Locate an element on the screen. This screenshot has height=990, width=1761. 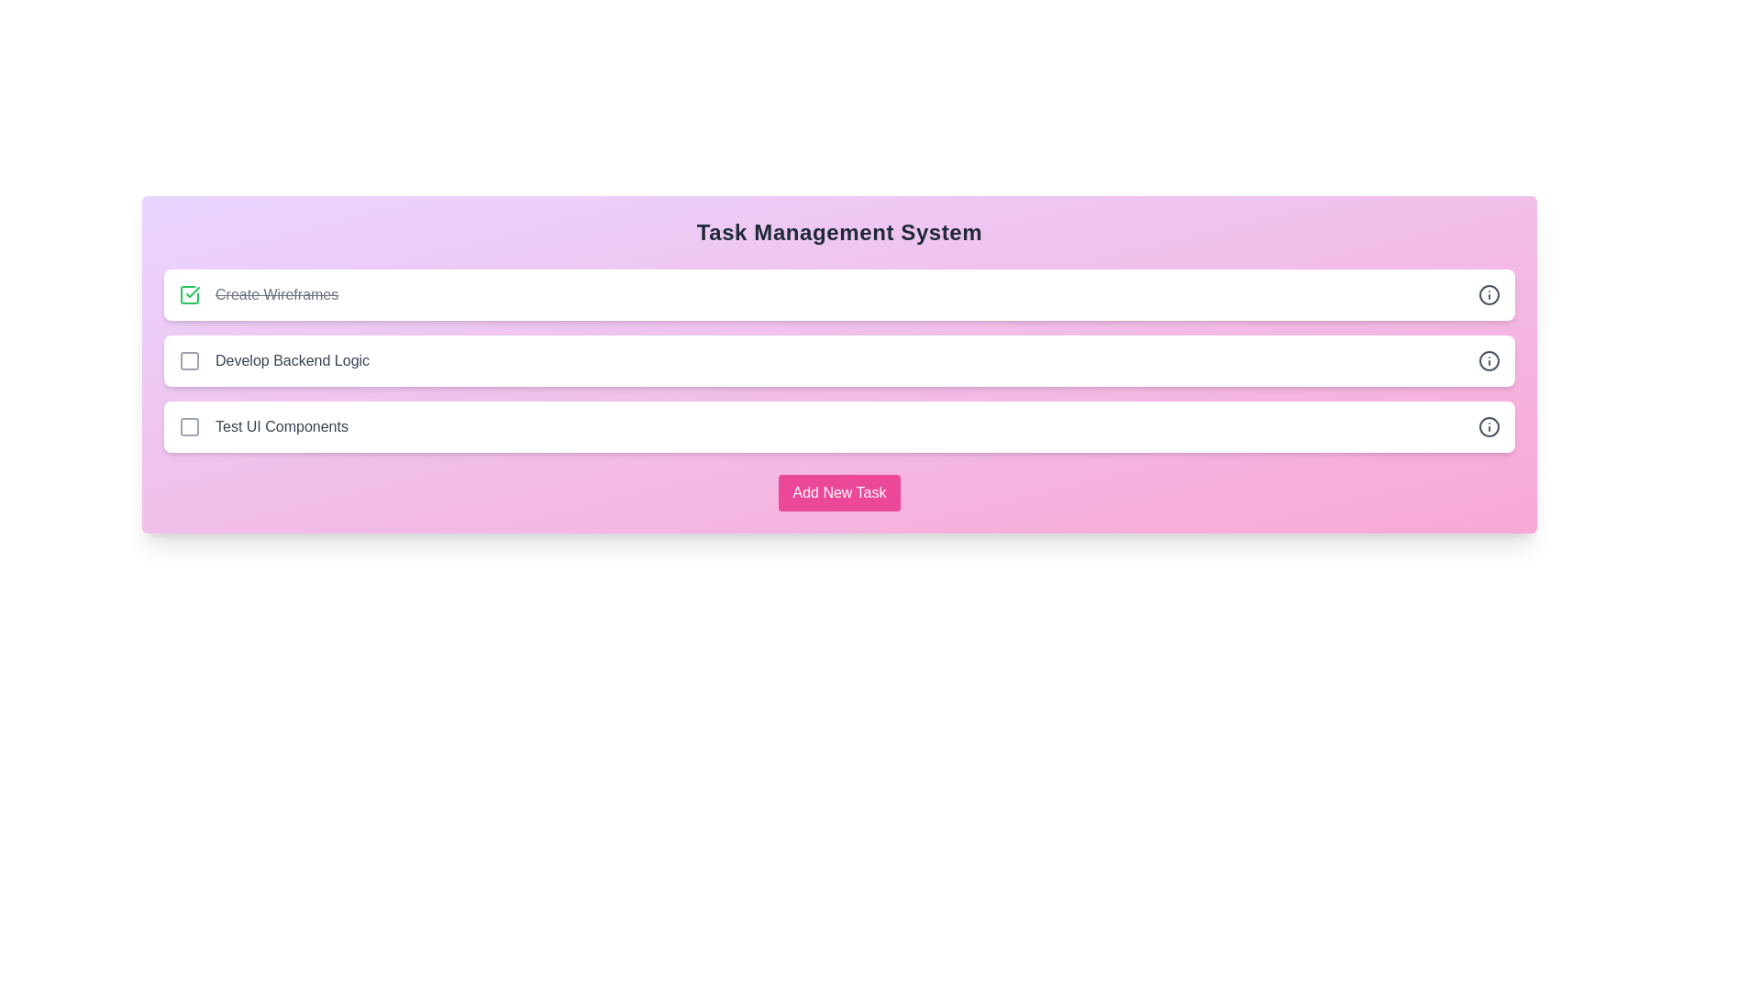
the info icon next to the task 'Develop Backend Logic' to view its details is located at coordinates (1489, 360).